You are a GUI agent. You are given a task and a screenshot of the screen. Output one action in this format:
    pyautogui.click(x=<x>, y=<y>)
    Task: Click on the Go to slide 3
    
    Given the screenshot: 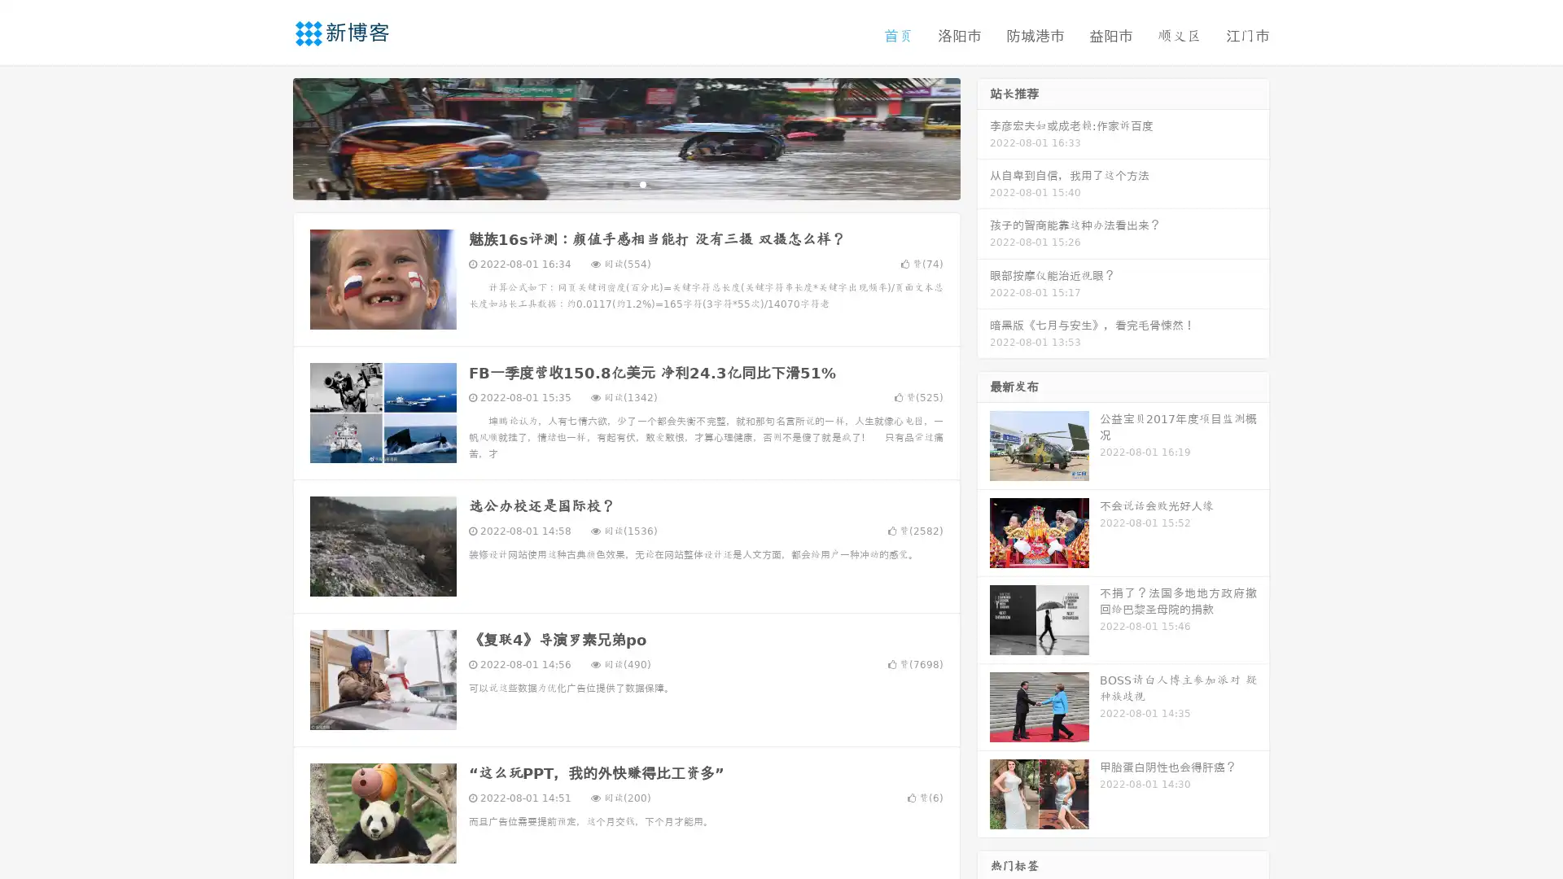 What is the action you would take?
    pyautogui.click(x=642, y=183)
    